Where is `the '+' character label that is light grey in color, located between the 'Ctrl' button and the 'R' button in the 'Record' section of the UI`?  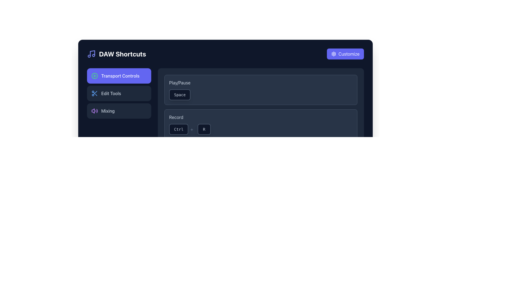
the '+' character label that is light grey in color, located between the 'Ctrl' button and the 'R' button in the 'Record' section of the UI is located at coordinates (192, 129).